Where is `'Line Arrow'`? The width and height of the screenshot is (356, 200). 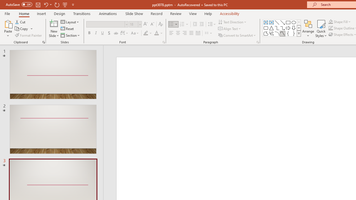
'Line Arrow' is located at coordinates (283, 22).